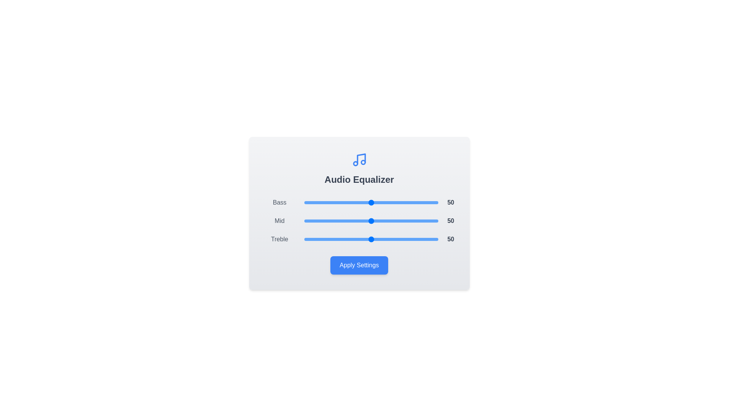 The height and width of the screenshot is (413, 735). Describe the element at coordinates (314, 221) in the screenshot. I see `the 'Mid' slider to 7` at that location.